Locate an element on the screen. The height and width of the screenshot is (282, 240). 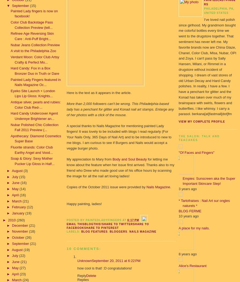
'Eyeko Site Launch + London Lips Lip Gloss: Knights...' is located at coordinates (33, 93).